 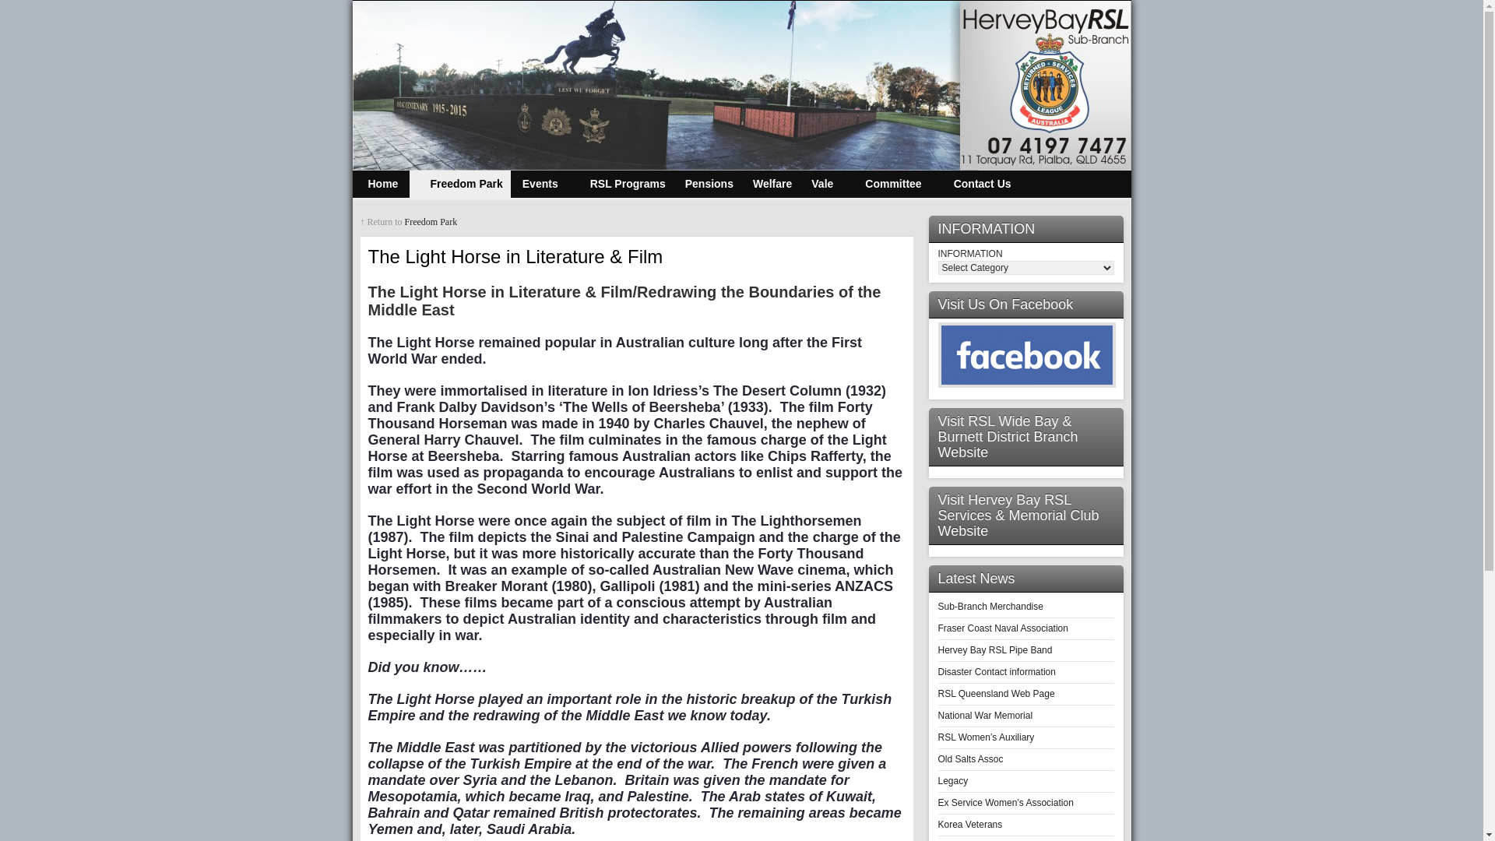 What do you see at coordinates (952, 780) in the screenshot?
I see `'Legacy'` at bounding box center [952, 780].